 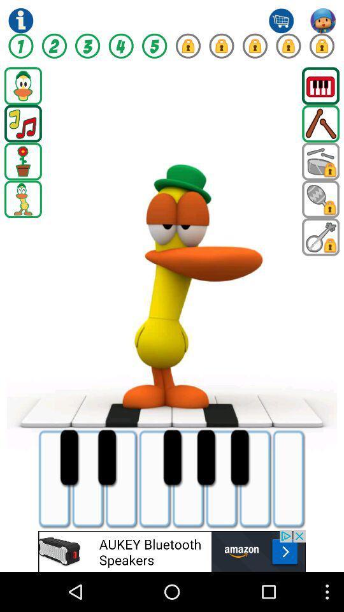 What do you see at coordinates (323, 20) in the screenshot?
I see `open account menu` at bounding box center [323, 20].